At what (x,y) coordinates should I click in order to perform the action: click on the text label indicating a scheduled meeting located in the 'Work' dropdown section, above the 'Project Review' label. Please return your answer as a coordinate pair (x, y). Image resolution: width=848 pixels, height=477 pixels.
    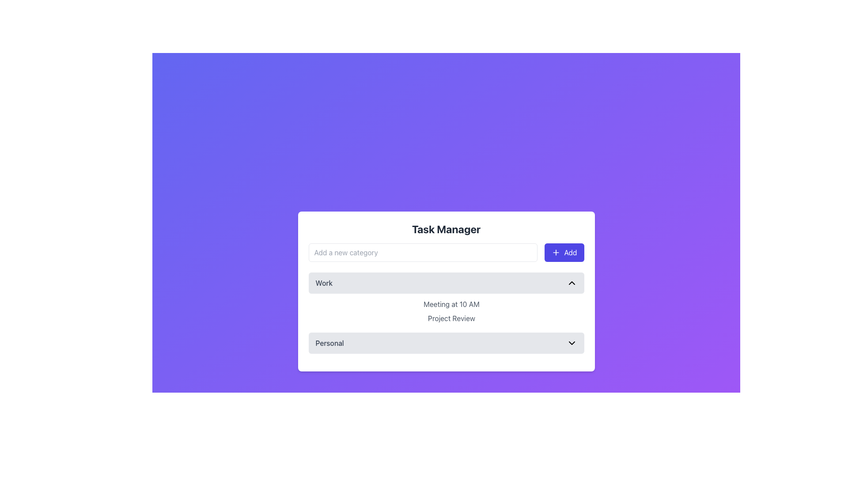
    Looking at the image, I should click on (451, 304).